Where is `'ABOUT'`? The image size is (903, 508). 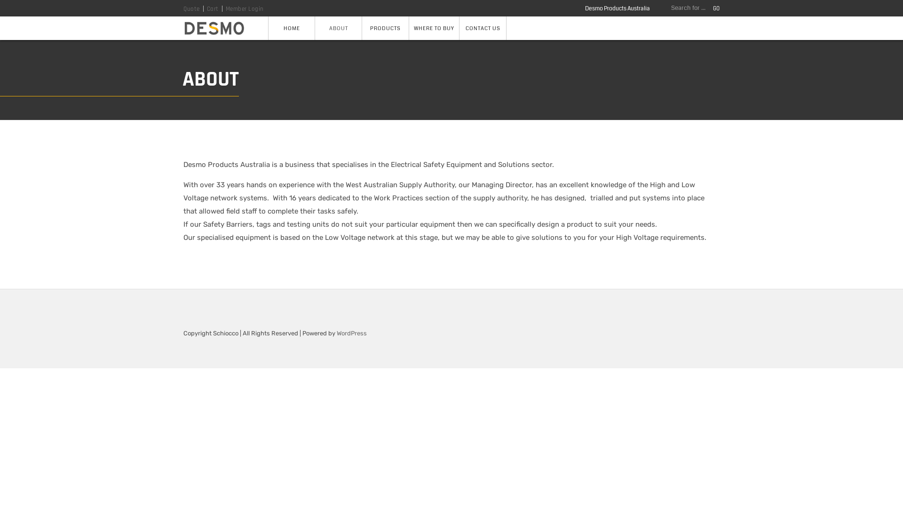
'ABOUT' is located at coordinates (339, 28).